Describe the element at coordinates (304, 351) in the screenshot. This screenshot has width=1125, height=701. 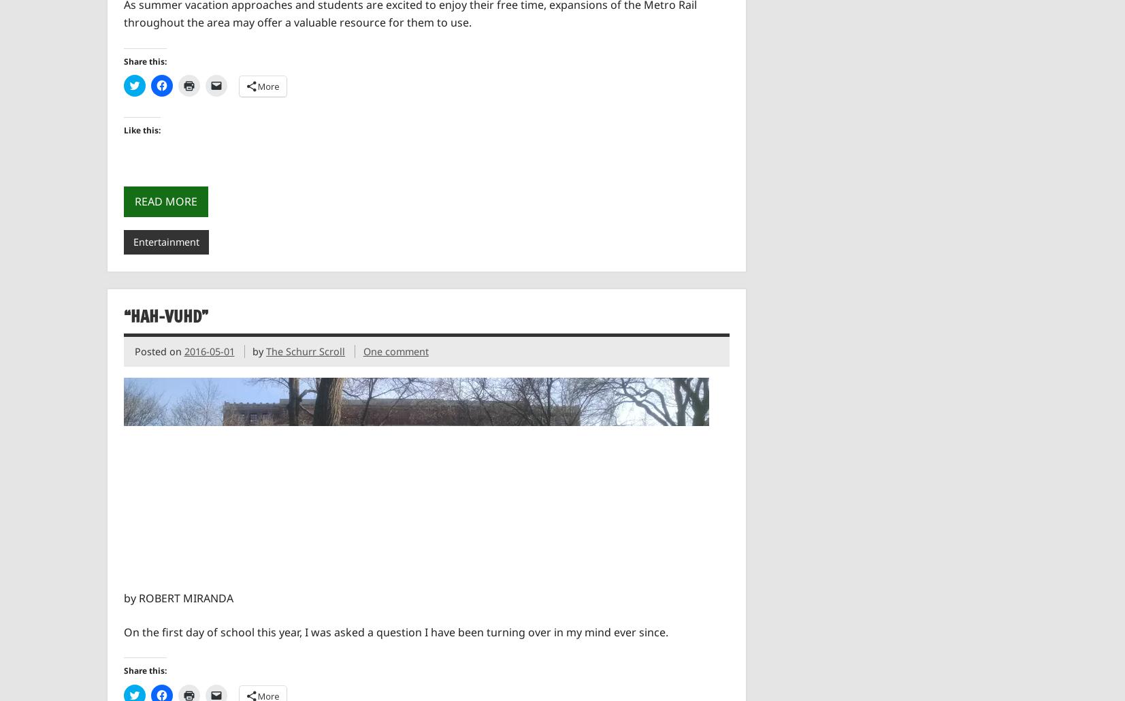
I see `'The Schurr Scroll'` at that location.